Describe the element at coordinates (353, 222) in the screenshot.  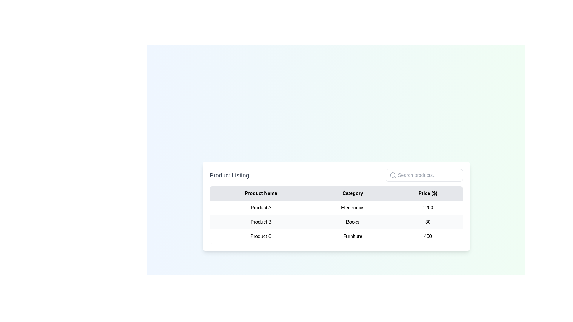
I see `text label indicating the category of the product 'Product B', which is positioned under the 'Category' column in the table` at that location.